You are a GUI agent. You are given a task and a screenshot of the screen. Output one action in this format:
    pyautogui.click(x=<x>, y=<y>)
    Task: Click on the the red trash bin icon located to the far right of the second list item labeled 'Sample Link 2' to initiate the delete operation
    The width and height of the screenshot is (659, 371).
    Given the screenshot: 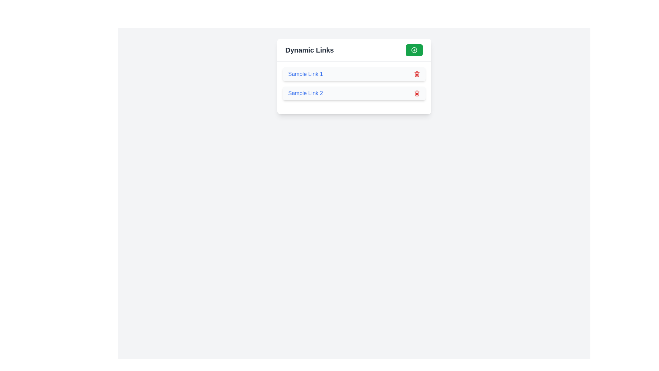 What is the action you would take?
    pyautogui.click(x=416, y=94)
    